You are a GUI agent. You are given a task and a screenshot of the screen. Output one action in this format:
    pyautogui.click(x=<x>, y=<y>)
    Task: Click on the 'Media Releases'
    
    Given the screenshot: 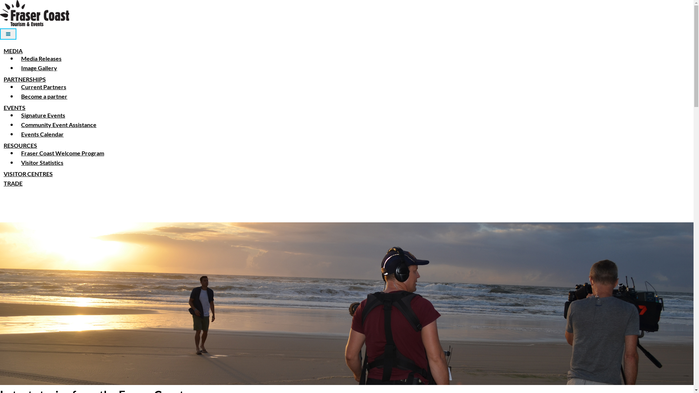 What is the action you would take?
    pyautogui.click(x=41, y=58)
    